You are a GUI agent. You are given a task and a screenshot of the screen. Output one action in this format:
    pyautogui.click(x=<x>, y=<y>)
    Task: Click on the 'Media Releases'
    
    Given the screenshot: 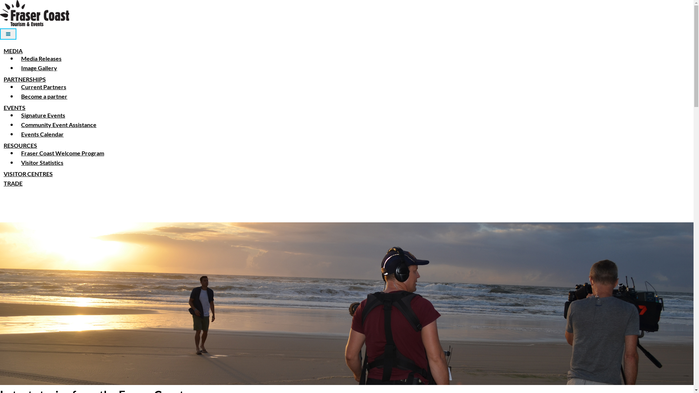 What is the action you would take?
    pyautogui.click(x=41, y=58)
    